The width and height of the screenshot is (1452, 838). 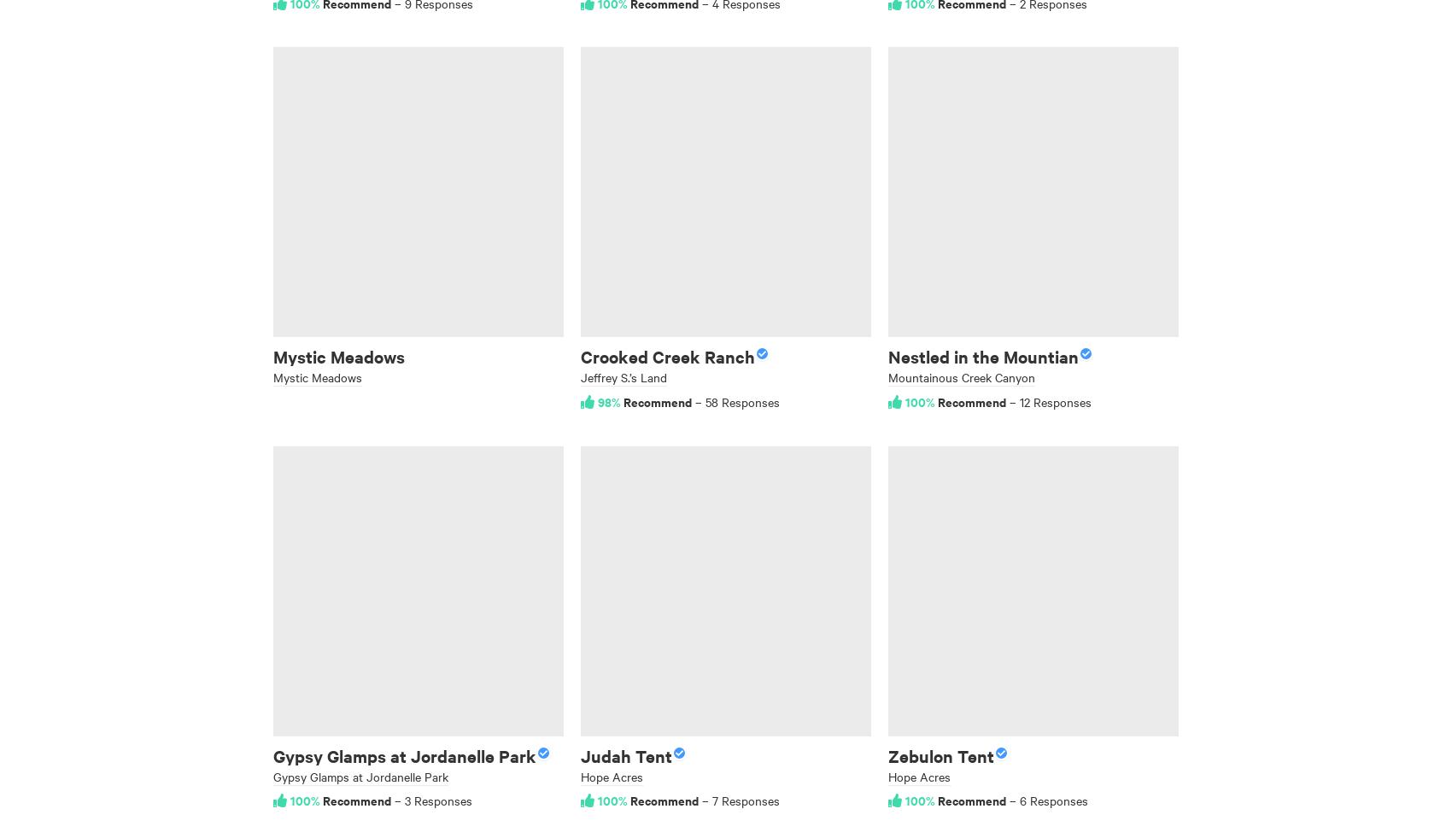 I want to click on 'Crooked Creek Ranch', so click(x=667, y=356).